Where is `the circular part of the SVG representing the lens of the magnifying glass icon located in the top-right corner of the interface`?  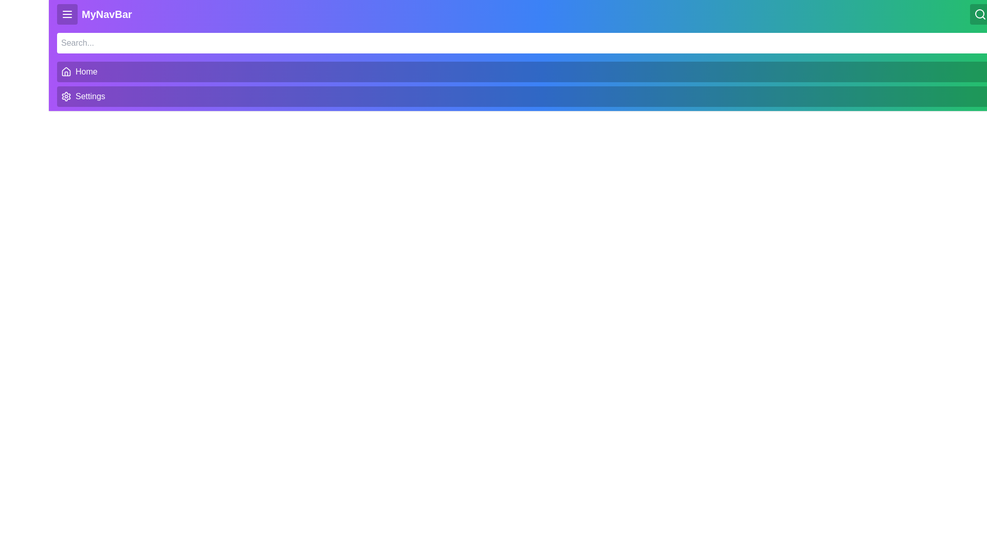 the circular part of the SVG representing the lens of the magnifying glass icon located in the top-right corner of the interface is located at coordinates (979, 14).